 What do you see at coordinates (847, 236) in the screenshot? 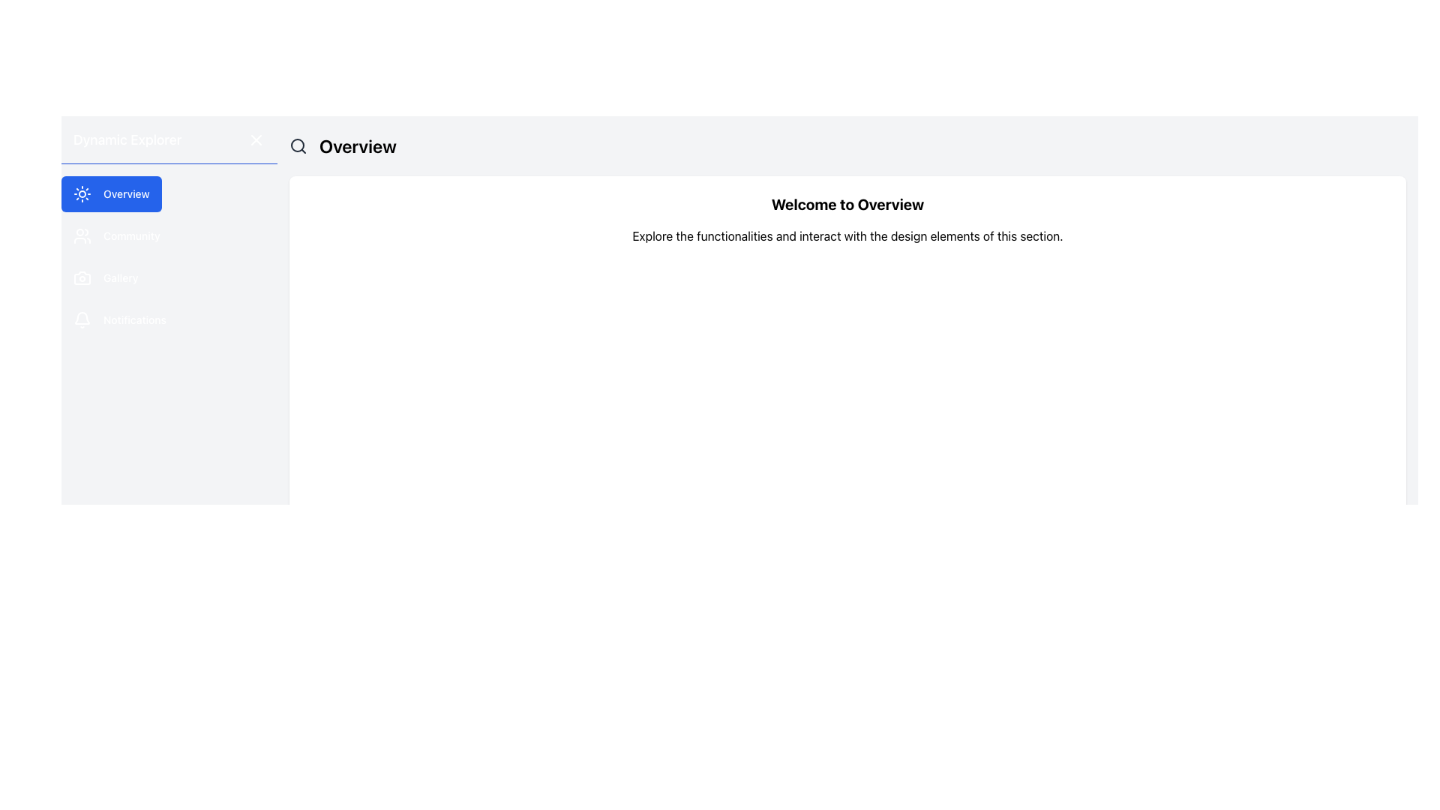
I see `the text element containing 'Explore the functionalities and interact with the design elements of this section.' which is located directly beneath the header 'Welcome to Overview'` at bounding box center [847, 236].